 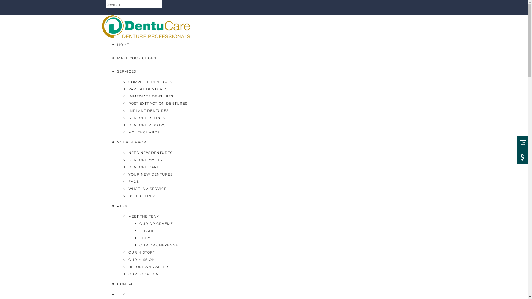 I want to click on 'MAKE YOUR CHOICE', so click(x=137, y=58).